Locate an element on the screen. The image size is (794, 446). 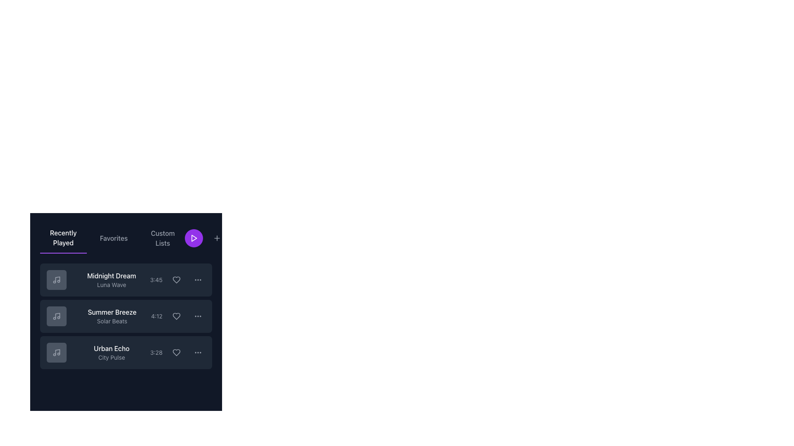
the first button from the left in a horizontal list of three options that displays recently played items in the application is located at coordinates (63, 238).